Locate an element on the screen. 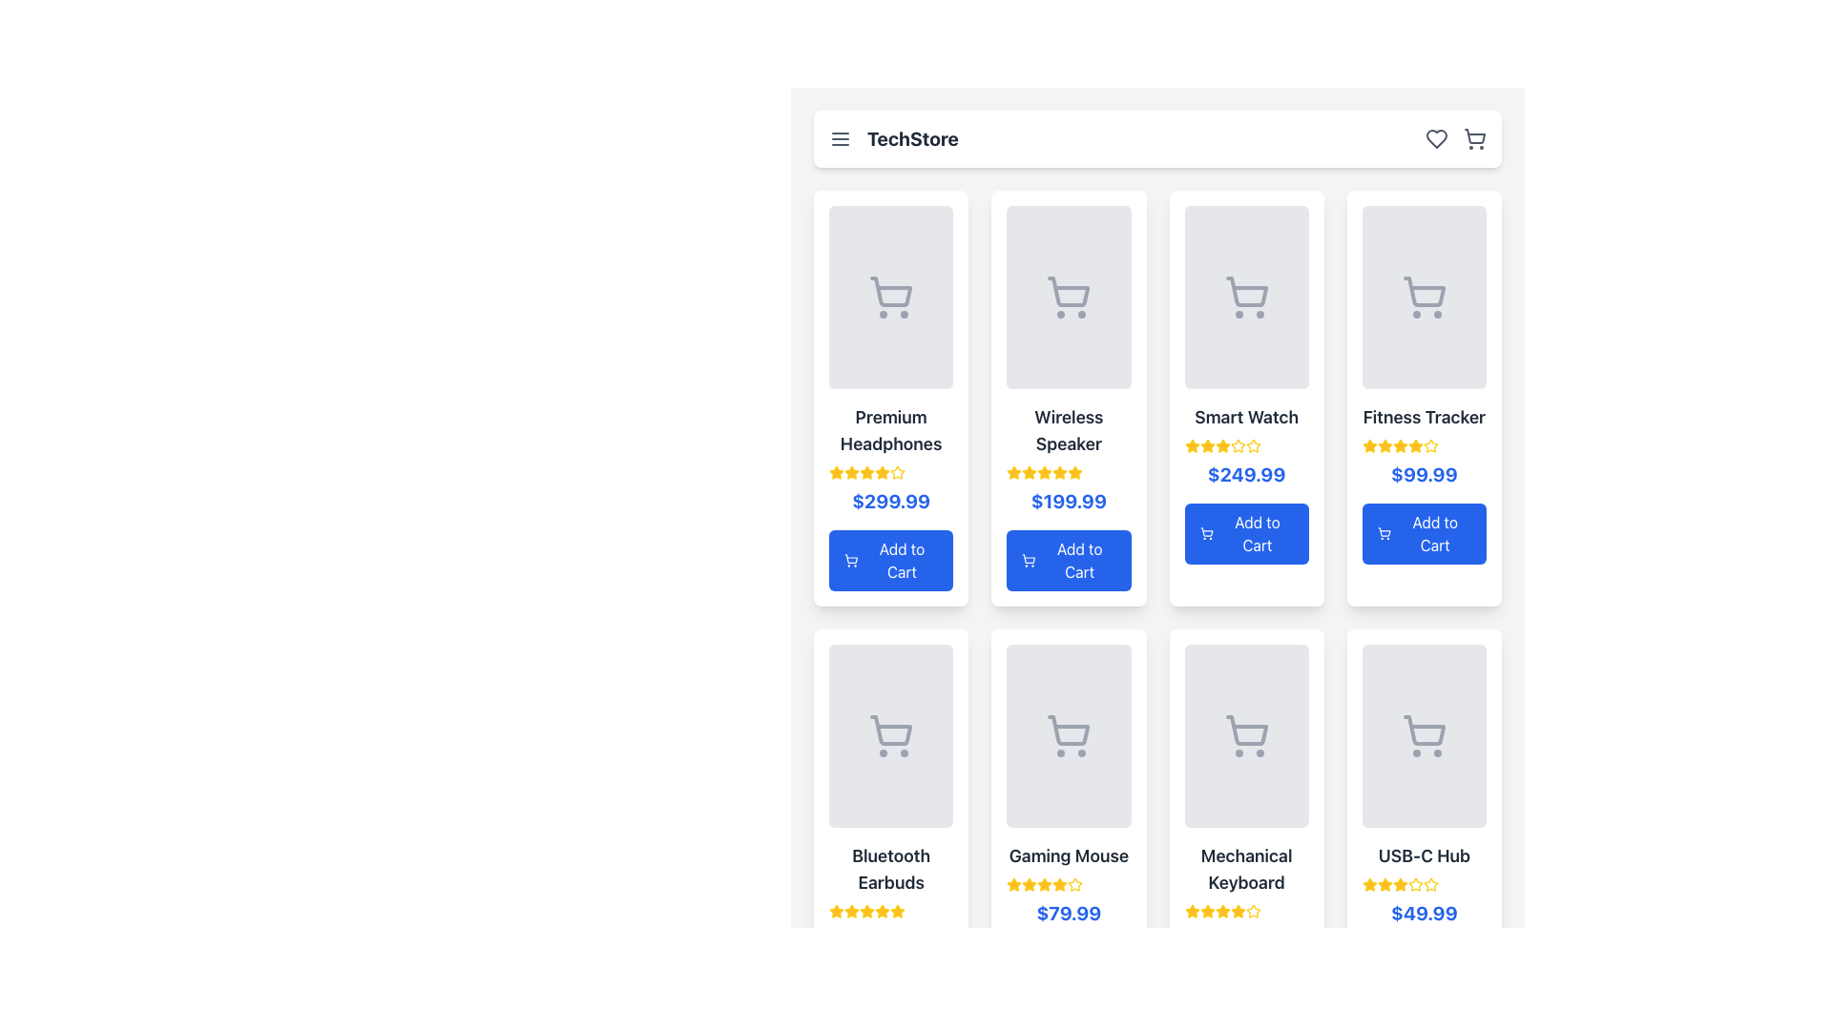 This screenshot has width=1832, height=1030. the Text label that indicates the name of the product showcased in the card, located in the bottom-right corner of the grid layout, above the product price and beneath the image placeholder is located at coordinates (1424, 855).